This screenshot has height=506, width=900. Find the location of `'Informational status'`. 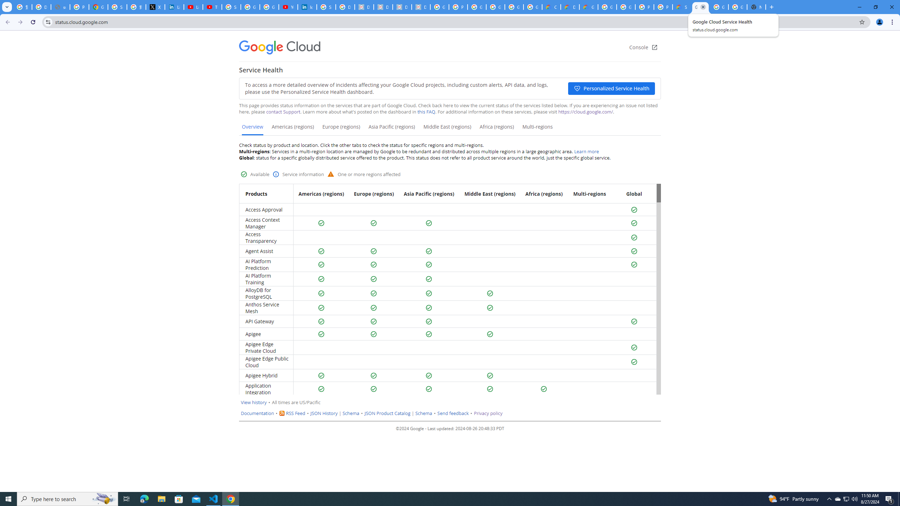

'Informational status' is located at coordinates (276, 174).